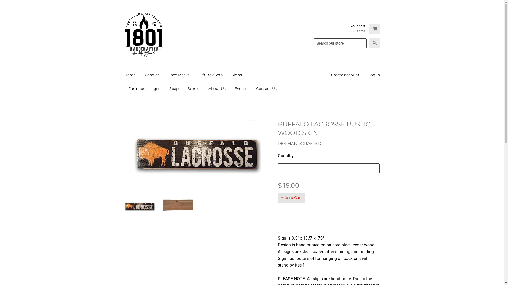  What do you see at coordinates (164, 75) in the screenshot?
I see `'Face Masks'` at bounding box center [164, 75].